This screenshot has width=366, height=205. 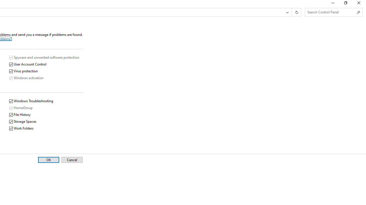 What do you see at coordinates (48, 160) in the screenshot?
I see `'OK'` at bounding box center [48, 160].